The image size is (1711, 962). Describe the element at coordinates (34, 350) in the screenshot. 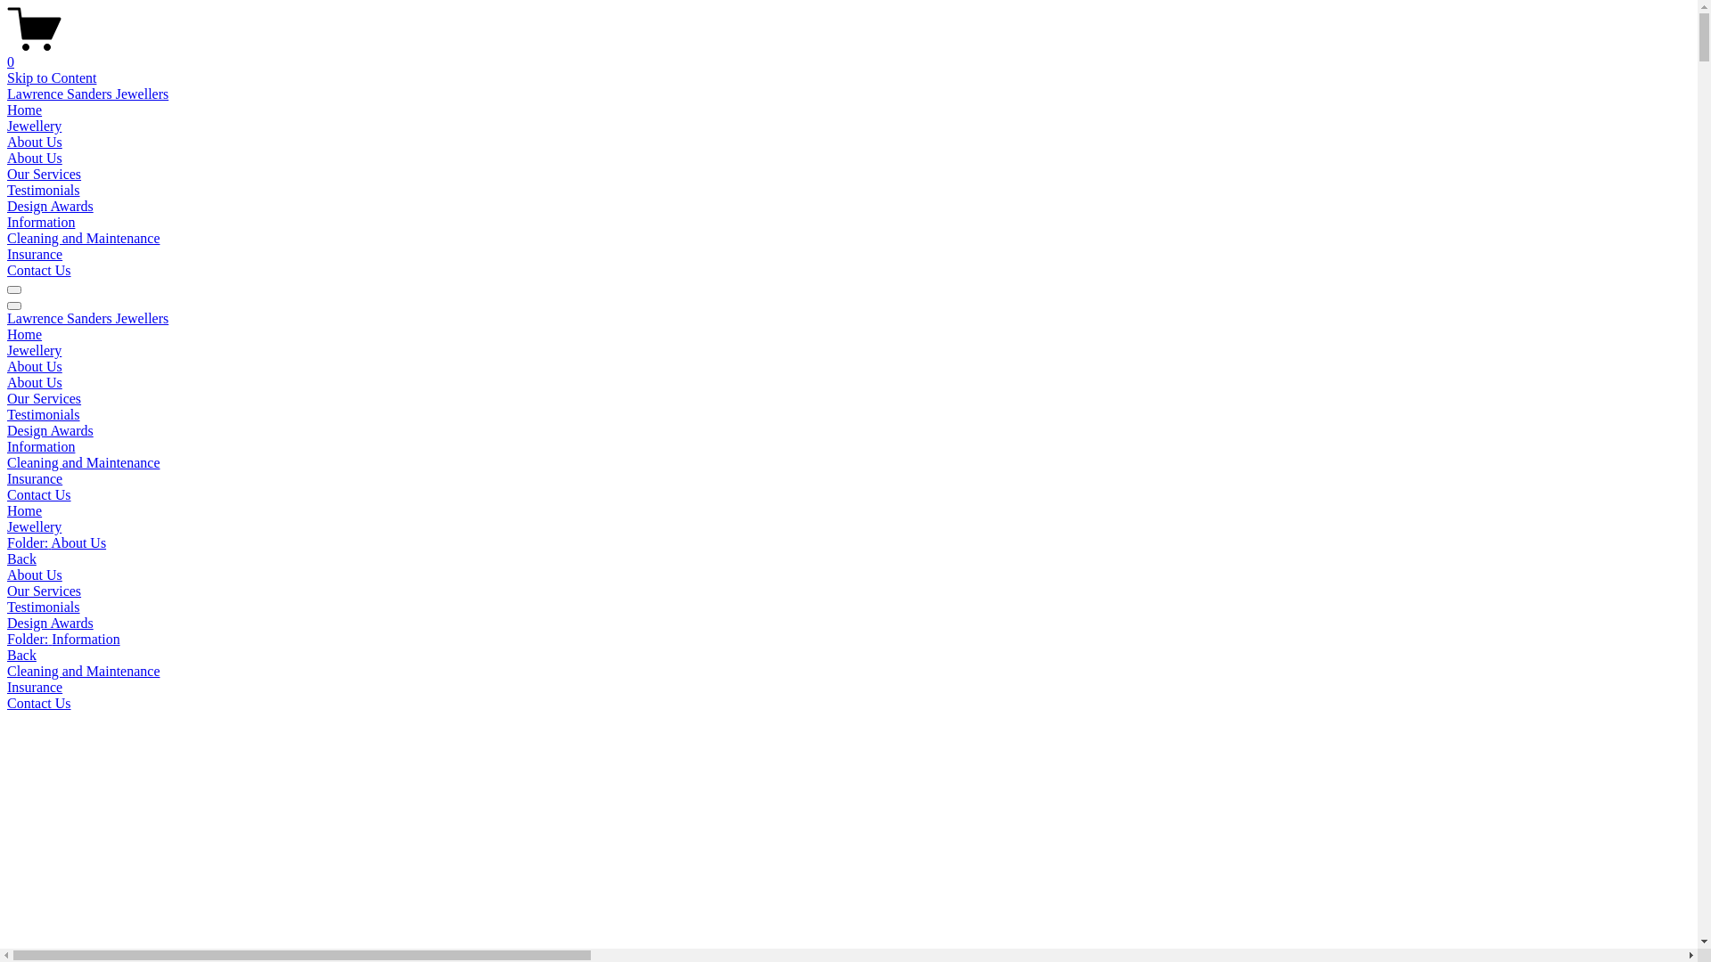

I see `'Jewellery'` at that location.